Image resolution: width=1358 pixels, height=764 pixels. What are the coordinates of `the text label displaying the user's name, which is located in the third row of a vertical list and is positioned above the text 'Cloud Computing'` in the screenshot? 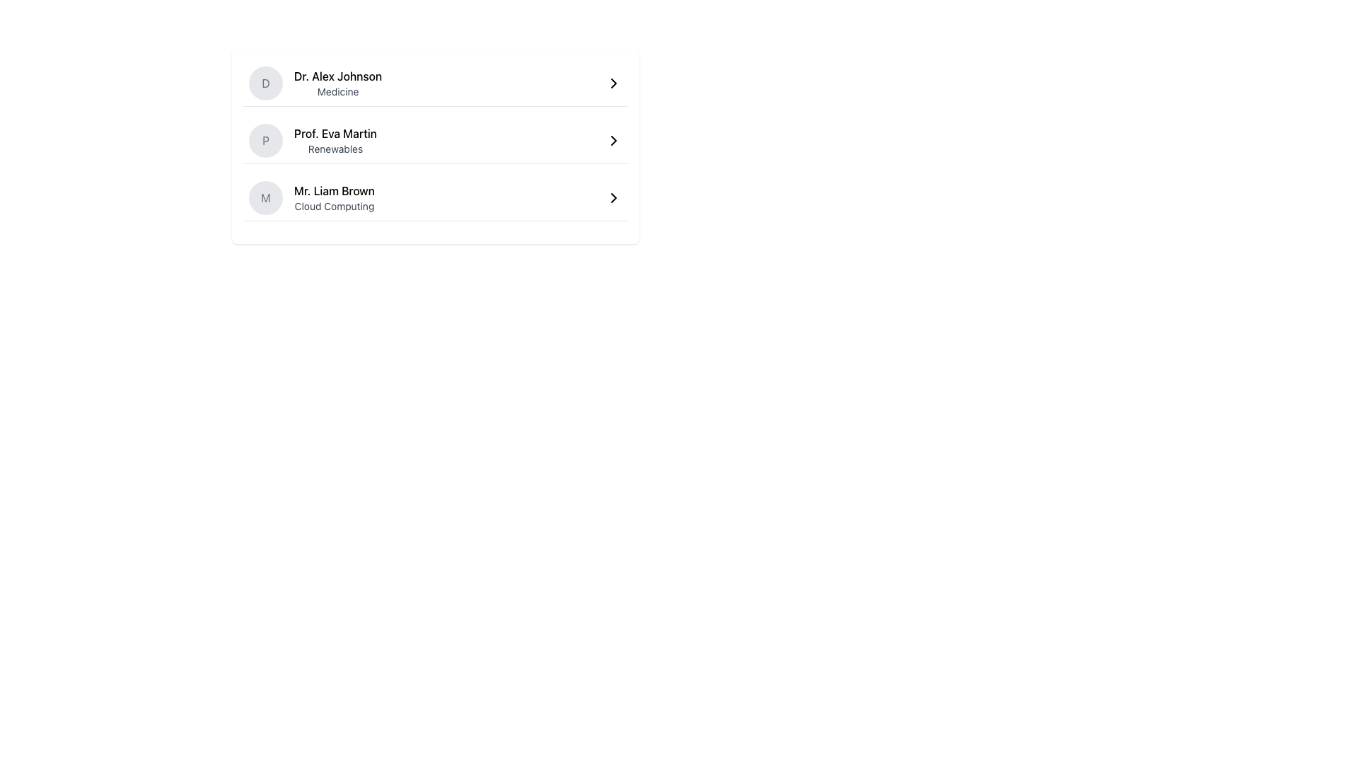 It's located at (333, 191).